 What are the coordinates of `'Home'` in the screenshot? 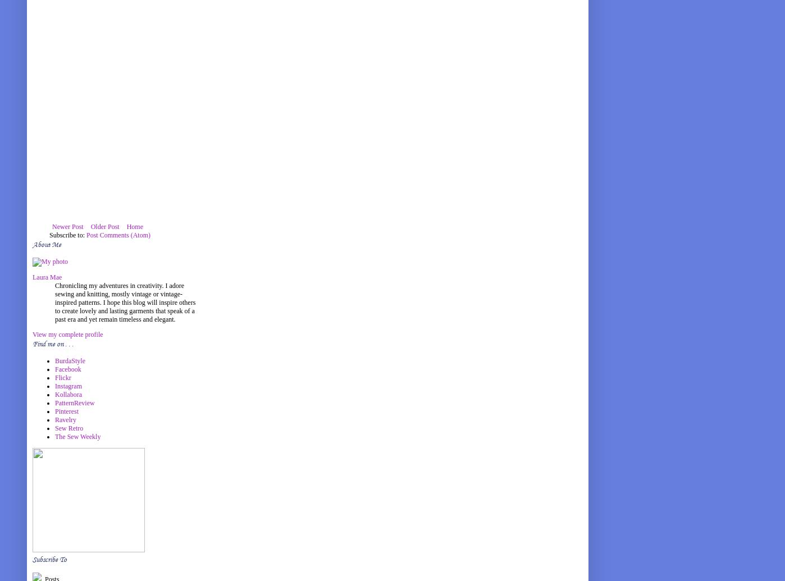 It's located at (135, 226).